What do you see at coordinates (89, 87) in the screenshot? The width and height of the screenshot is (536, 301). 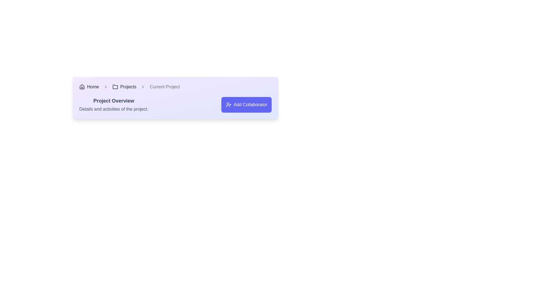 I see `the 'Home' hyperlink with the home-shaped icon in the breadcrumb navigation` at bounding box center [89, 87].